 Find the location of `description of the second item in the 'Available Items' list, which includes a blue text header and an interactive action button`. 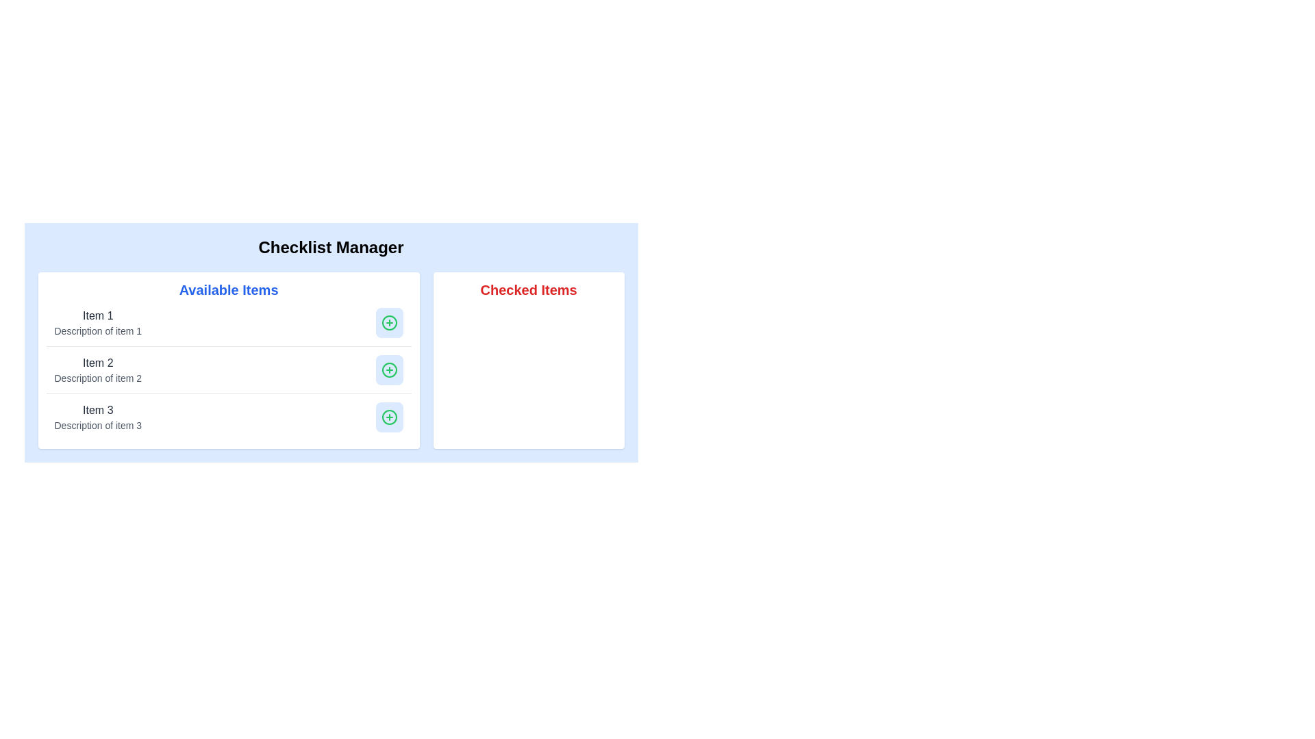

description of the second item in the 'Available Items' list, which includes a blue text header and an interactive action button is located at coordinates (229, 360).